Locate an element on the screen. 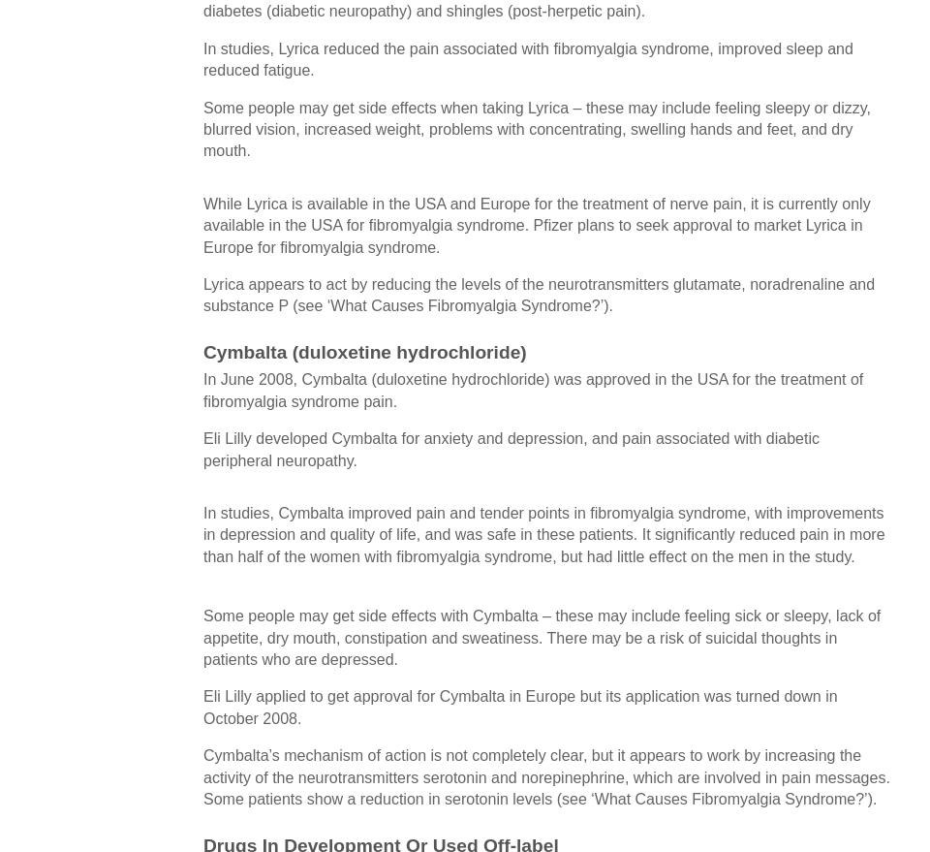 Image resolution: width=930 pixels, height=852 pixels. 'In studies, Cymbalta improved pain and tender points in fibromyalgia syndrome, with improvements in depression and quality of life, and was safe in these patients. It significantly reduced pain in more than half of the women with fibromyalgia syndrome, but had little effect on the men in the study.' is located at coordinates (203, 534).